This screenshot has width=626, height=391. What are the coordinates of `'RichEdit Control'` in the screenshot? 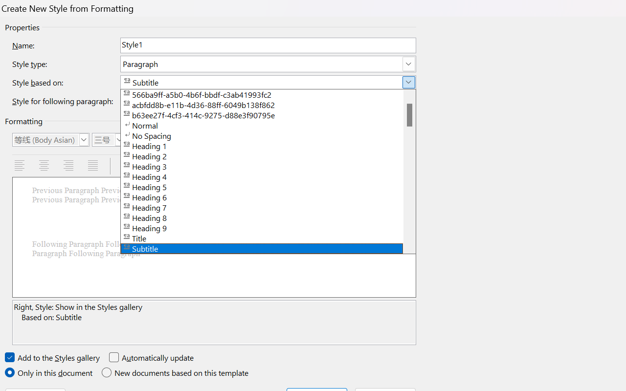 It's located at (268, 45).